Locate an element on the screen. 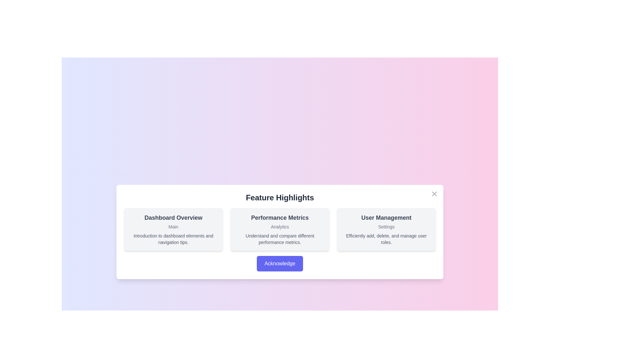 Image resolution: width=621 pixels, height=349 pixels. the close button in the top-right corner of the dialog to close it is located at coordinates (434, 194).